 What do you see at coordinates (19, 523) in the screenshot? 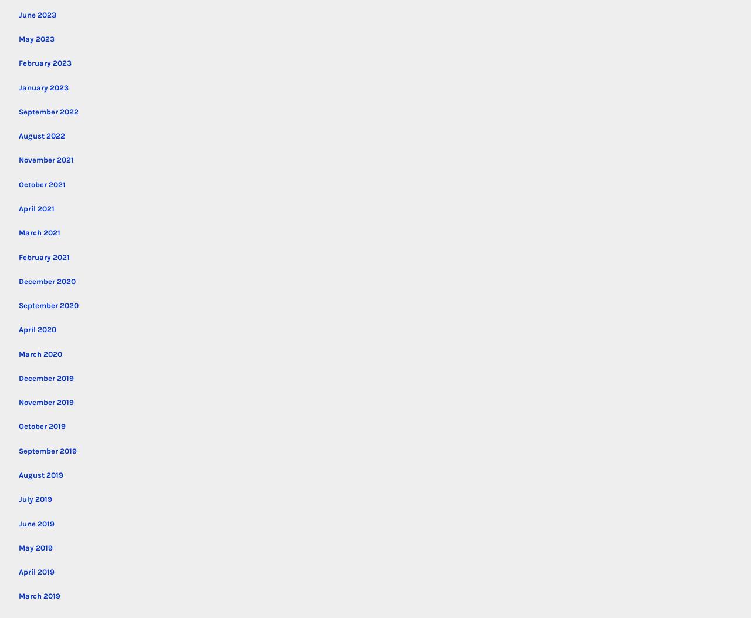
I see `'June 2019'` at bounding box center [19, 523].